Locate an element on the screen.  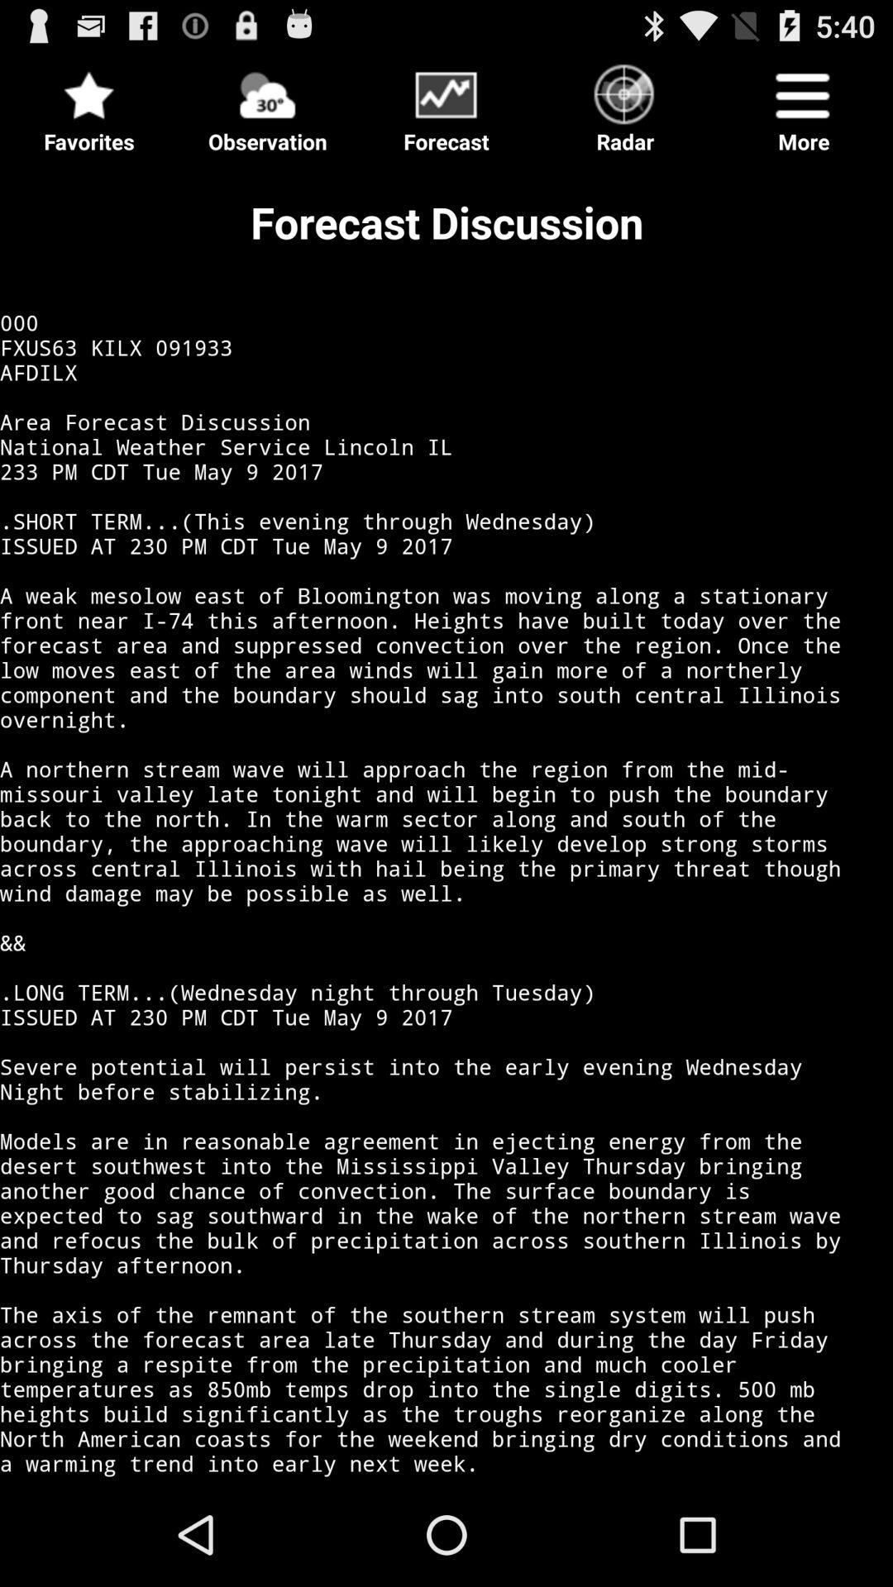
the forecast item is located at coordinates (446, 102).